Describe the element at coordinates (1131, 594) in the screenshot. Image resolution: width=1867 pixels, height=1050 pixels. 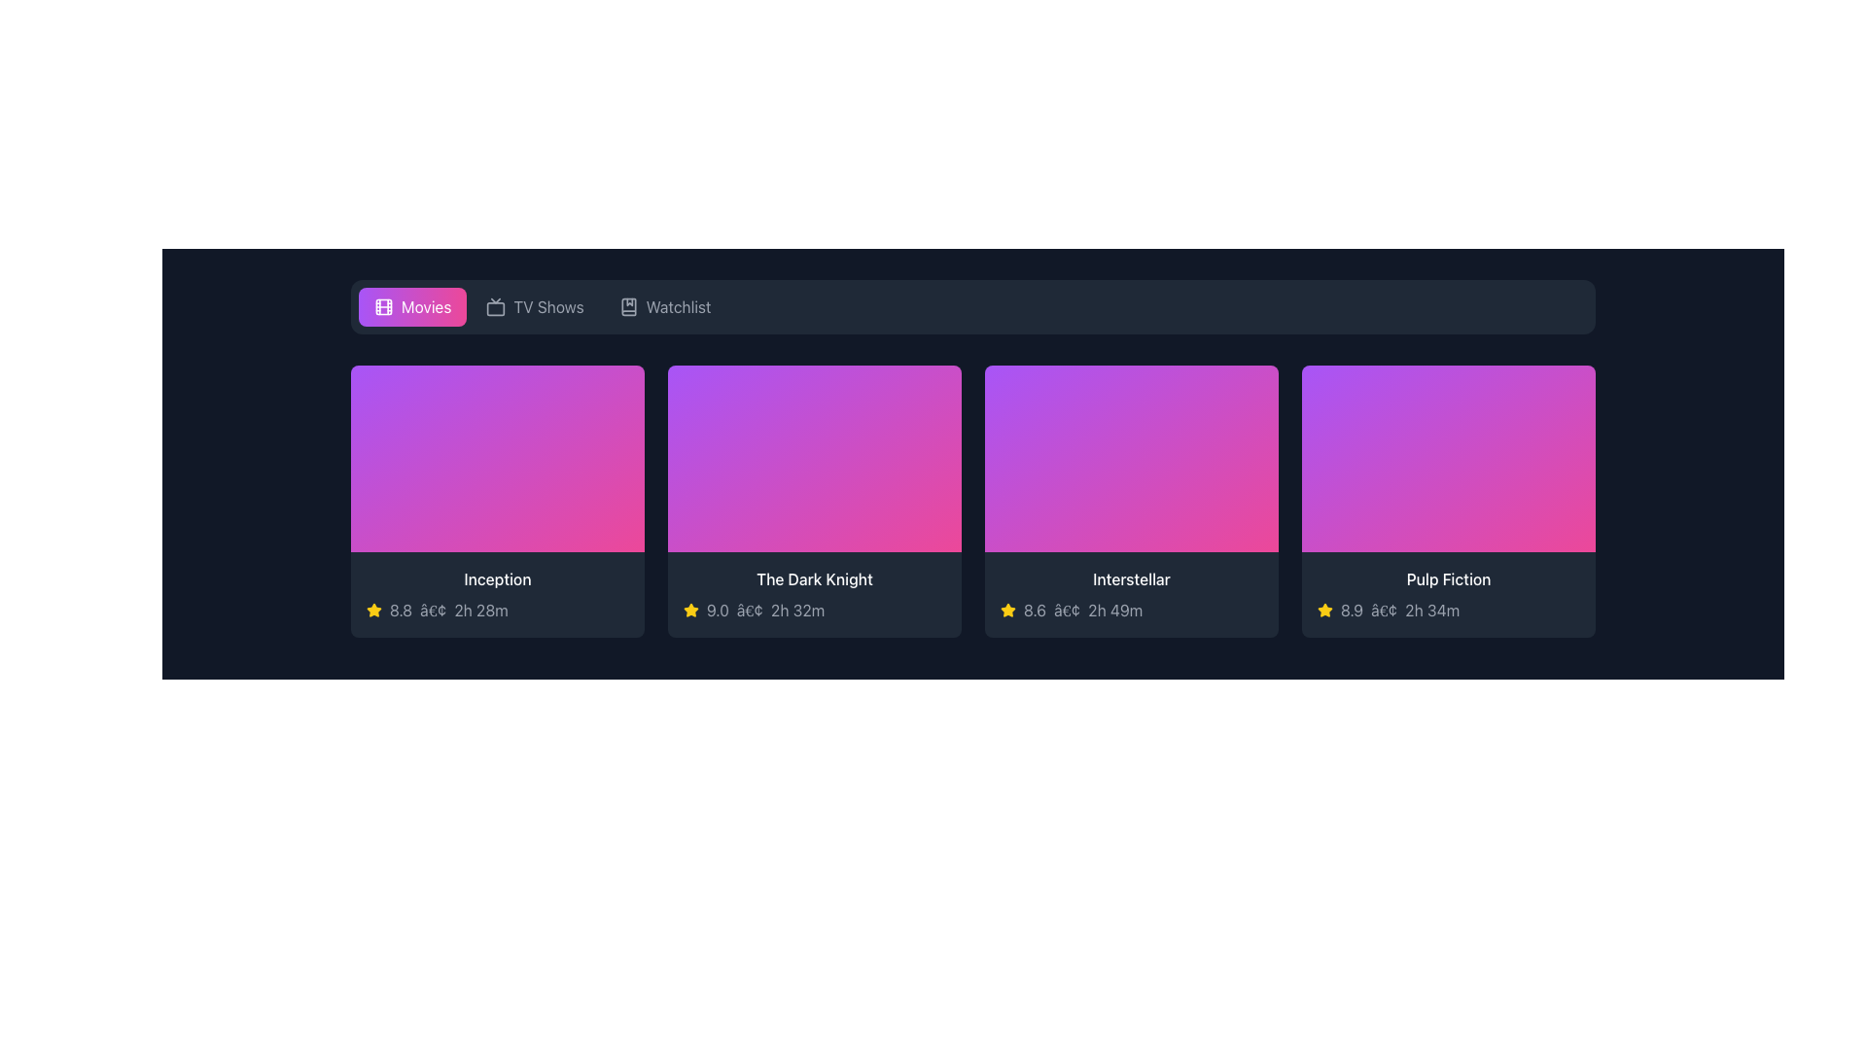
I see `textual information block containing the title and additional information for the movie 'Interstellar', which is prominently displayed in white text along with details about the movie's rating and duration in light gray text, located at the bottom of the card` at that location.